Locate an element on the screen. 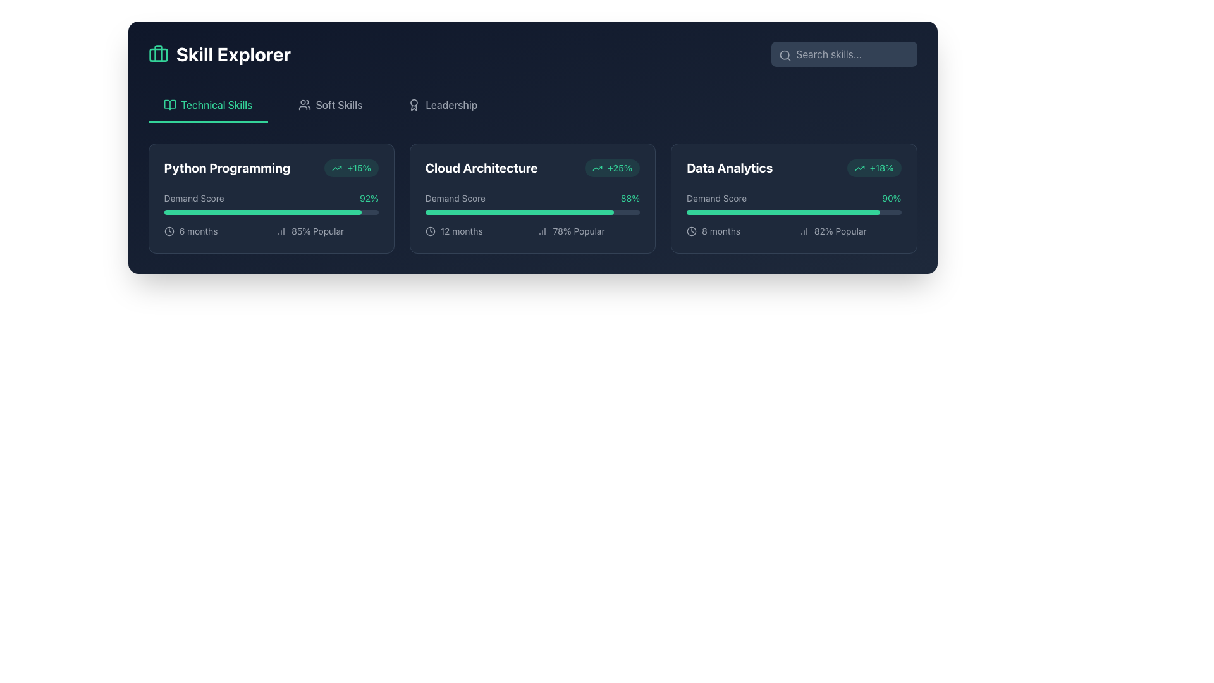 The image size is (1214, 683). the progress bar indicating the demand score for the 'Cloud Architecture' skill, which is centrally positioned within the card interface is located at coordinates (520, 211).